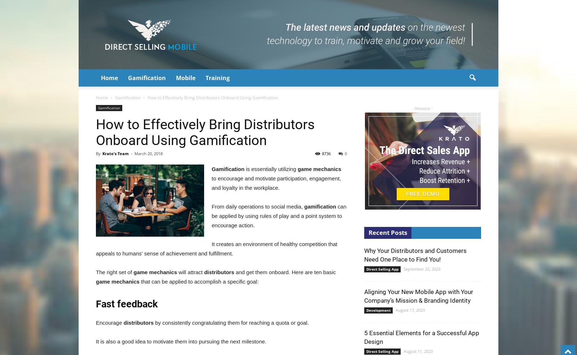  I want to click on 'by consistently congratulating them for reaching a quota or goal.', so click(232, 323).